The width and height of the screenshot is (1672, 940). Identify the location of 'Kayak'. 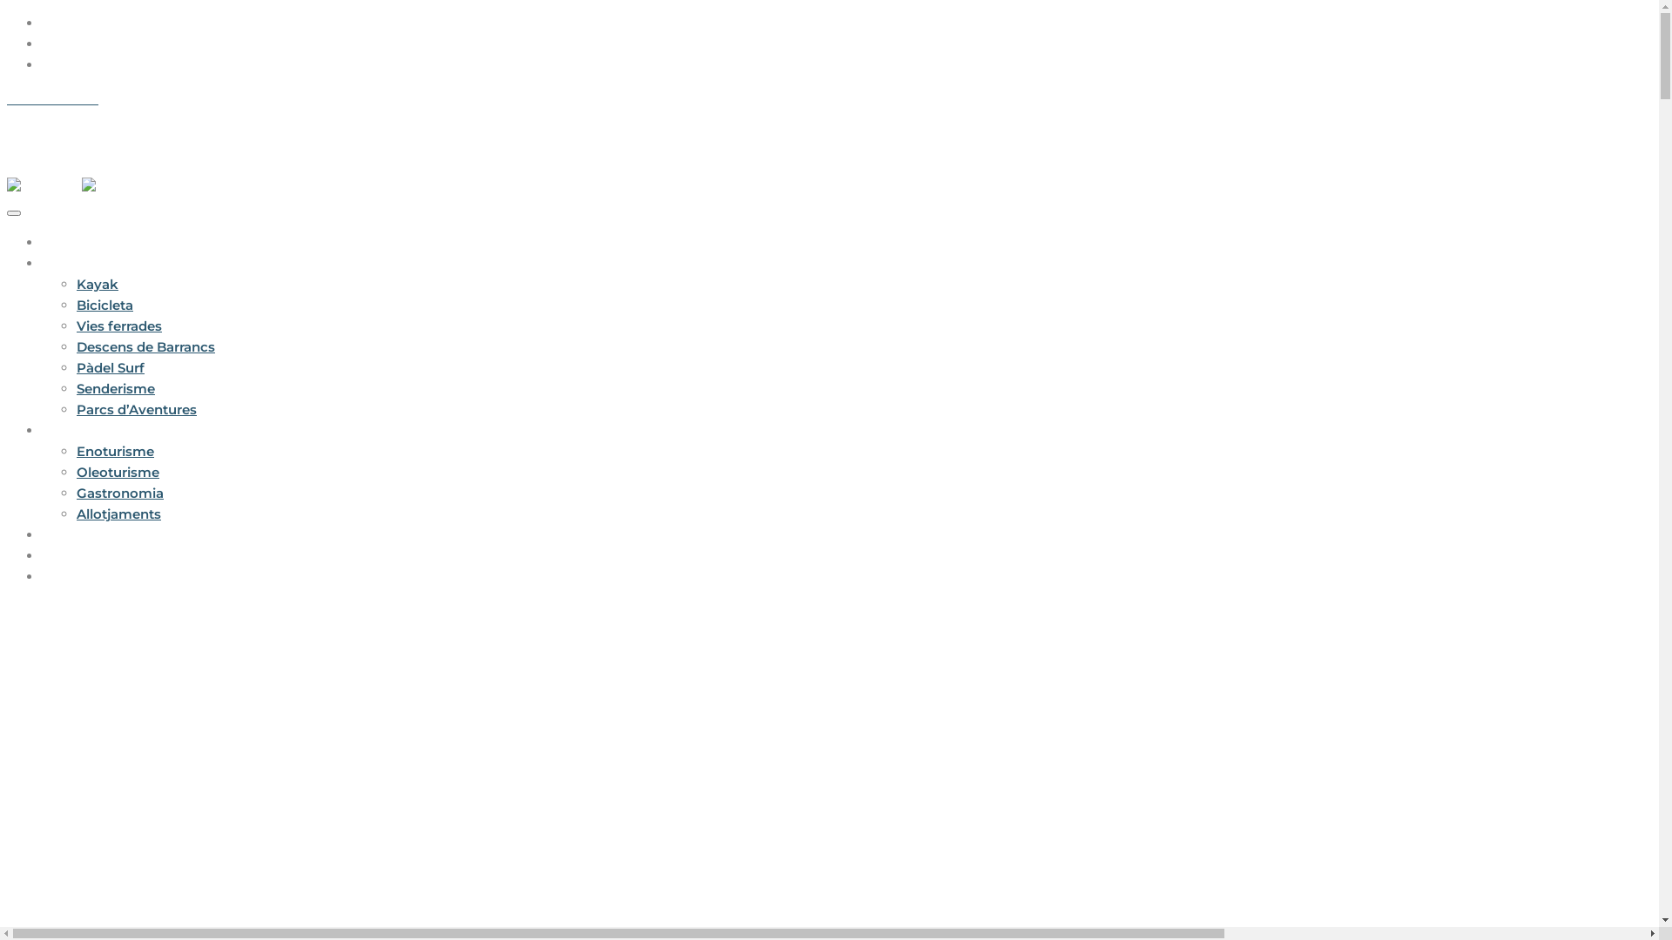
(96, 283).